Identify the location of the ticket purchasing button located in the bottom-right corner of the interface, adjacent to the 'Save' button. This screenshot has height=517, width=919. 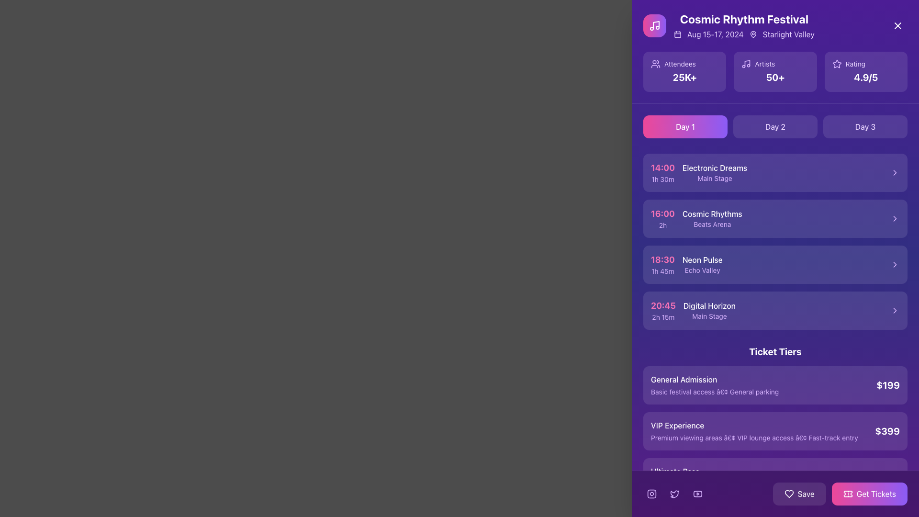
(840, 494).